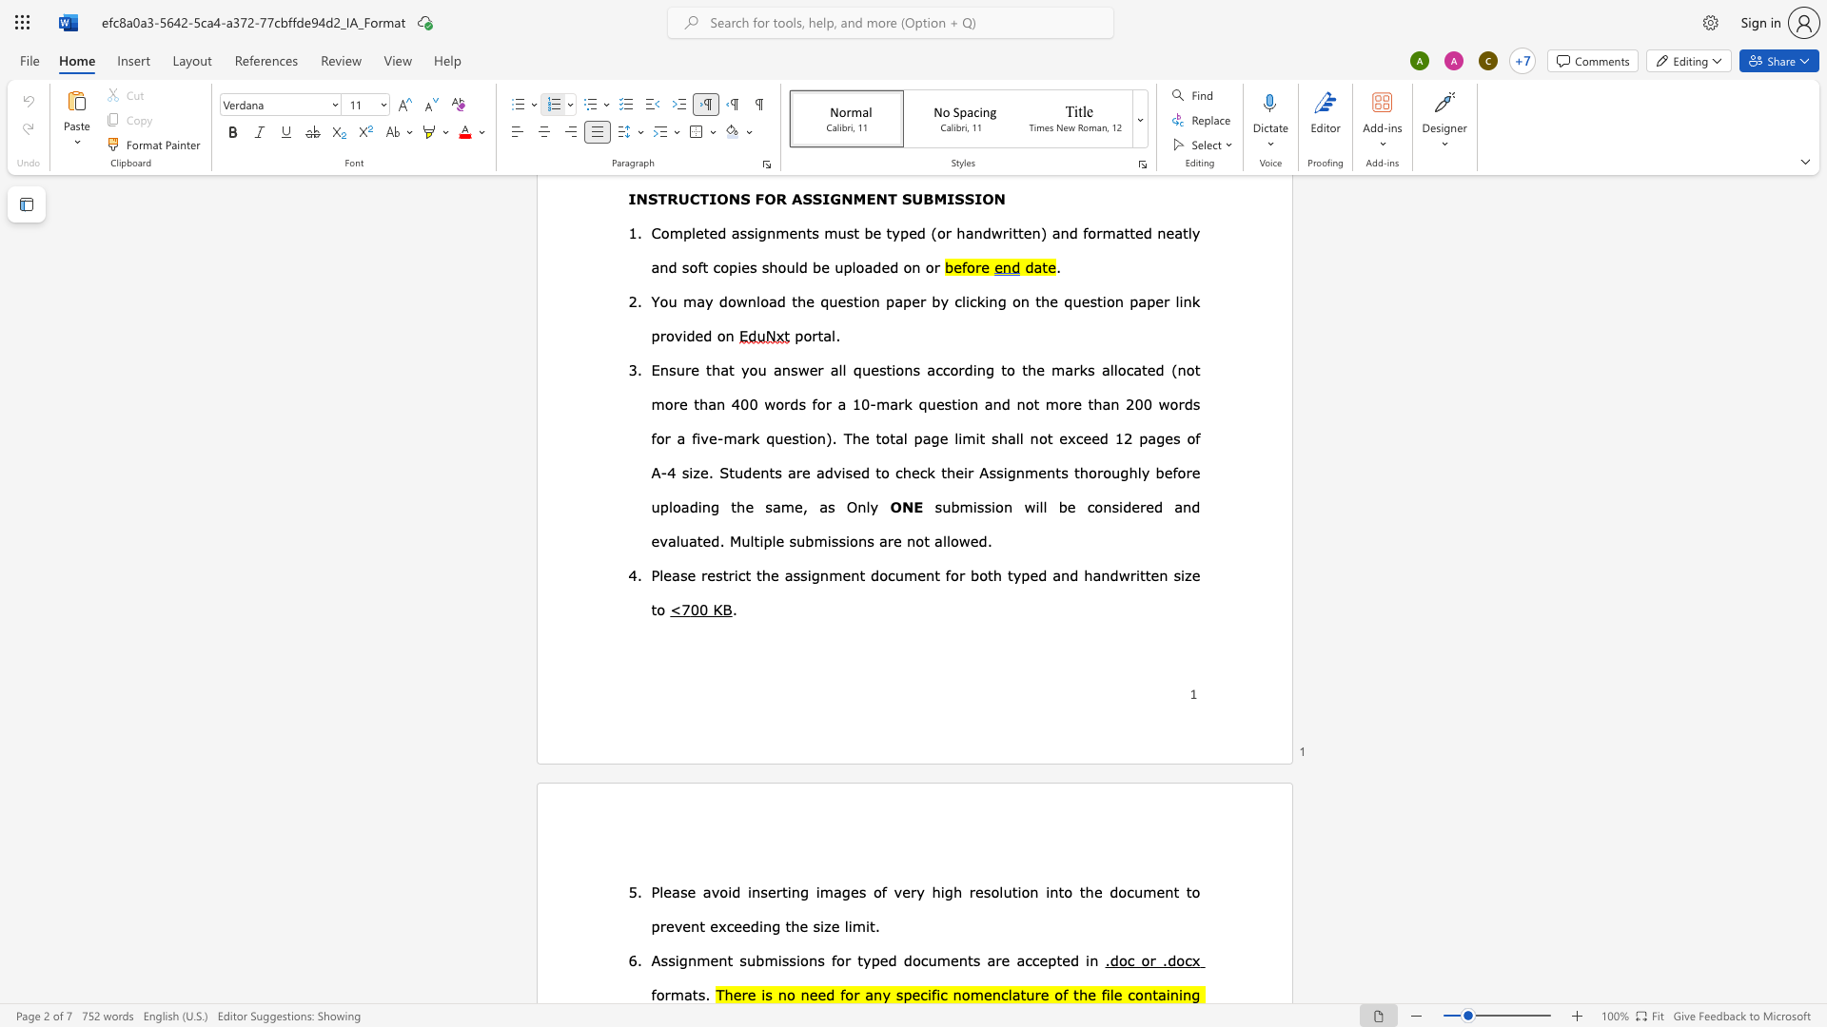  What do you see at coordinates (1114, 993) in the screenshot?
I see `the space between the continuous character "l" and "e" in the text` at bounding box center [1114, 993].